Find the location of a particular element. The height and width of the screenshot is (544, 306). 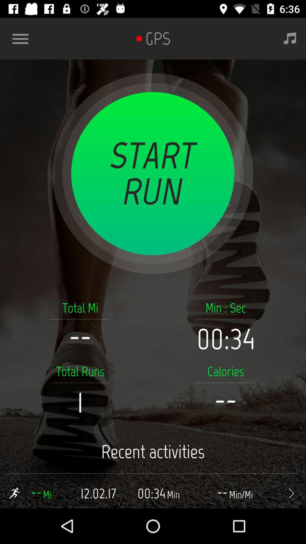

app features is located at coordinates (22, 38).